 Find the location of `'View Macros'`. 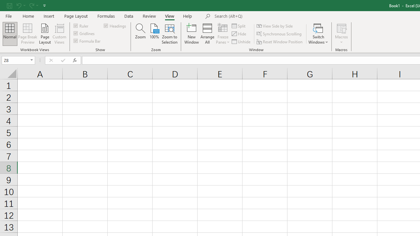

'View Macros' is located at coordinates (341, 28).